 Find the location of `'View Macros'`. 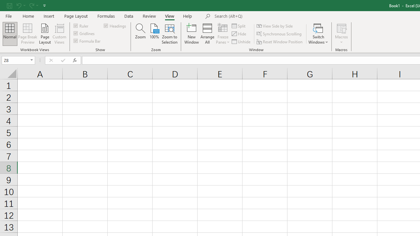

'View Macros' is located at coordinates (341, 28).